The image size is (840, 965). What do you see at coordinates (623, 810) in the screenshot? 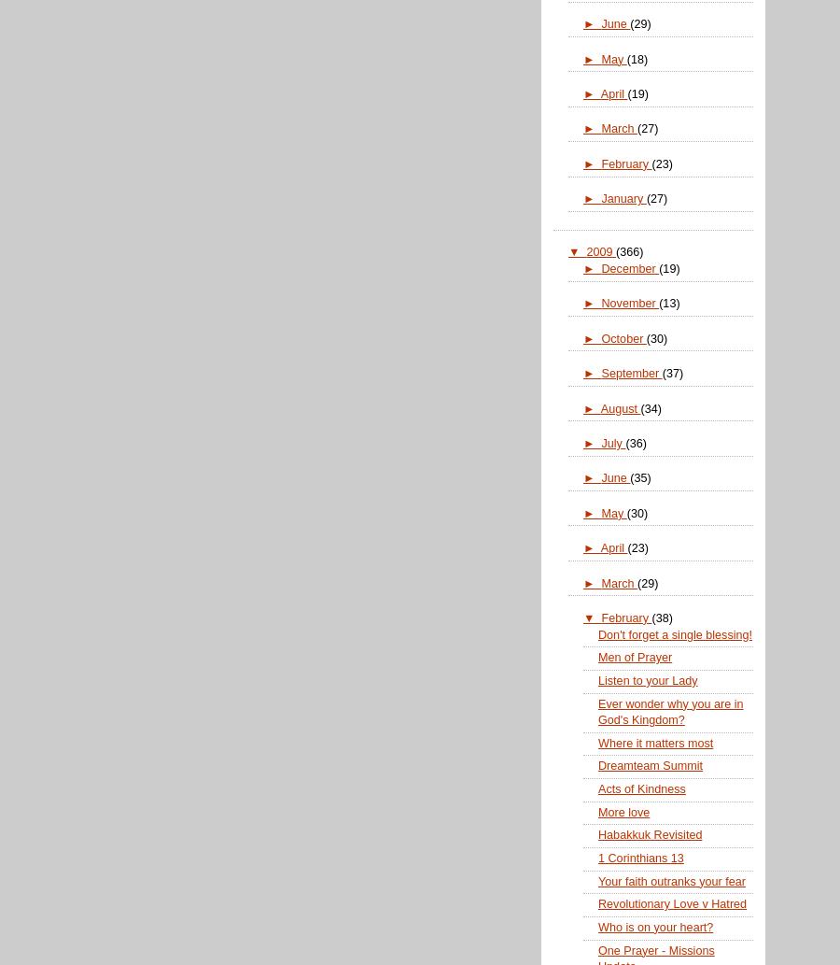
I see `'More love'` at bounding box center [623, 810].